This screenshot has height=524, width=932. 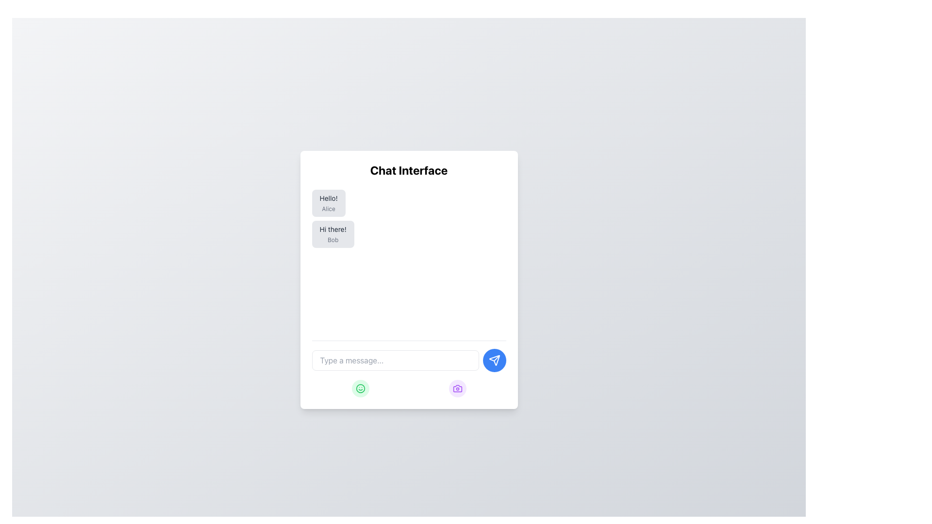 I want to click on the text label displaying the name 'Alice', which is styled in a small gray font and located beneath the greeting text 'Hello!' within a rounded chat bubble, so click(x=329, y=209).